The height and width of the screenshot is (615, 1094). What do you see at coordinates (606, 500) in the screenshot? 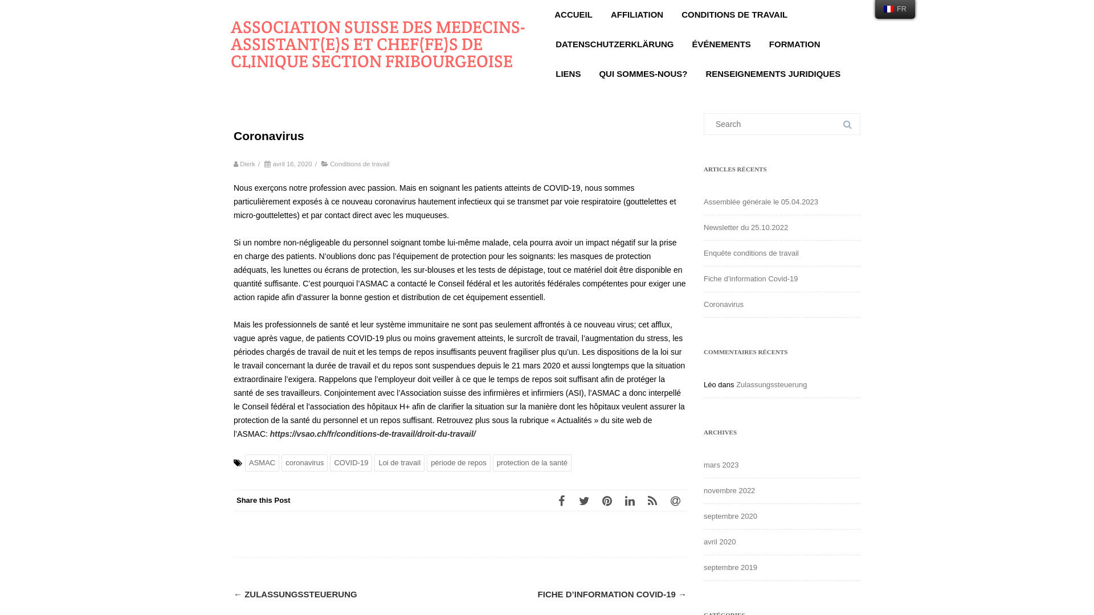
I see `'Pinterest'` at bounding box center [606, 500].